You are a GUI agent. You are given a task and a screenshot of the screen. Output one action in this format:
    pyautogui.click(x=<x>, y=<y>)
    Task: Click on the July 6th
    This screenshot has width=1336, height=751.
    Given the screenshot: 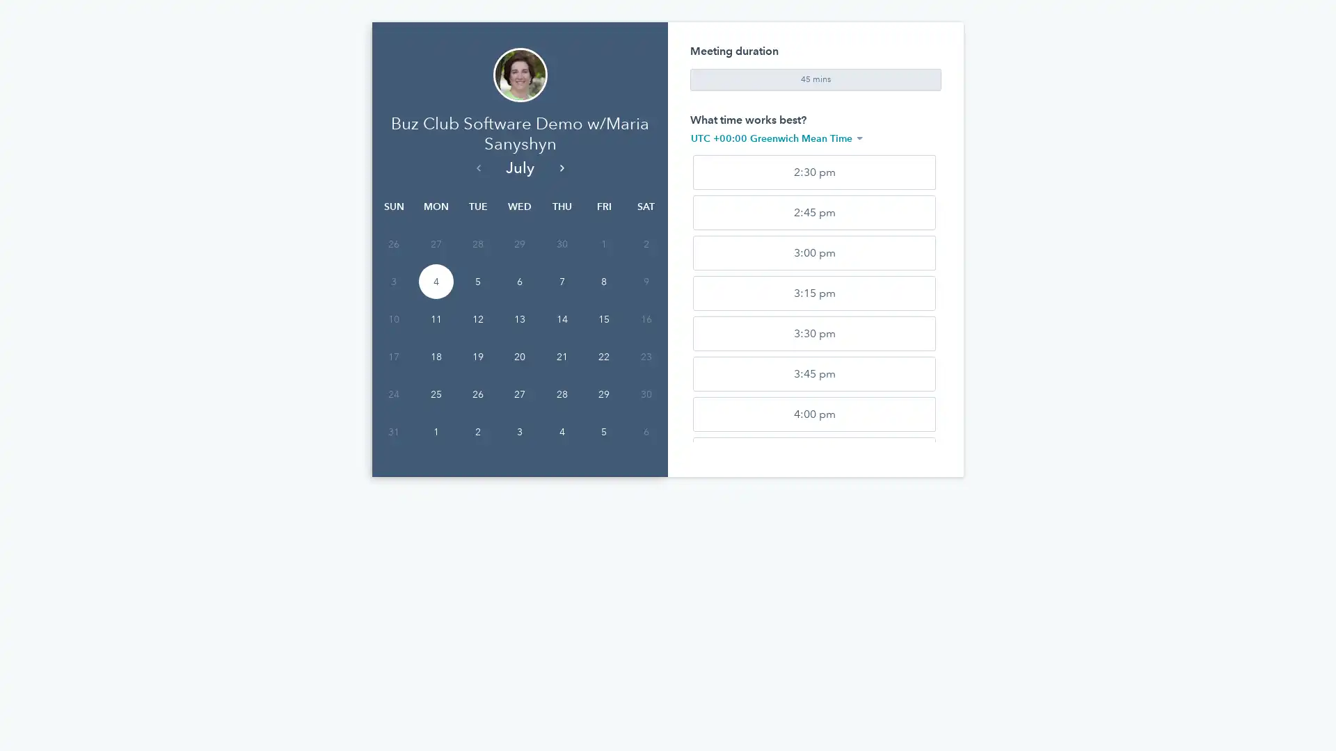 What is the action you would take?
    pyautogui.click(x=519, y=334)
    